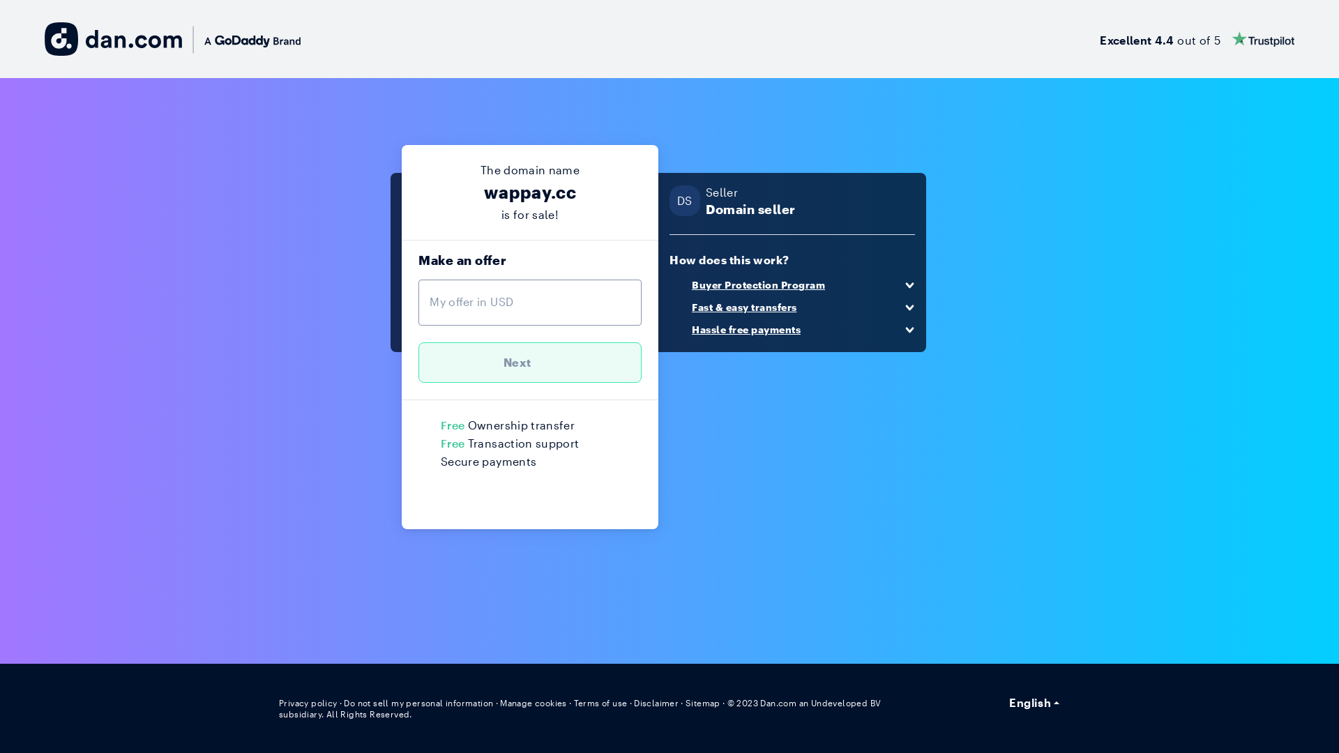 This screenshot has height=753, width=1339. I want to click on 'Privacy policy', so click(305, 702).